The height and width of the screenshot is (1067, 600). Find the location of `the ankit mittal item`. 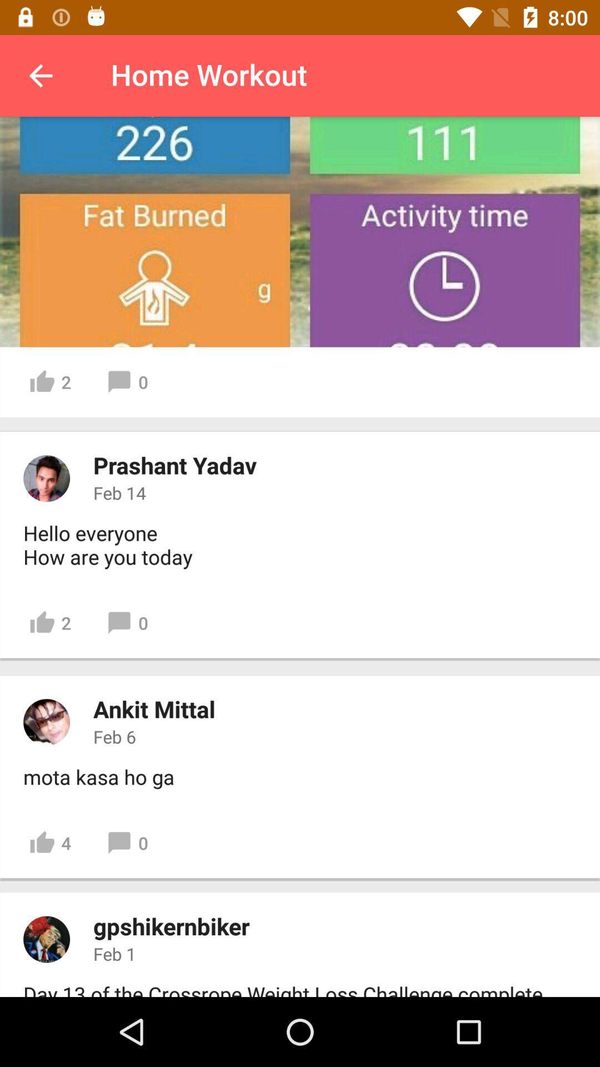

the ankit mittal item is located at coordinates (154, 708).